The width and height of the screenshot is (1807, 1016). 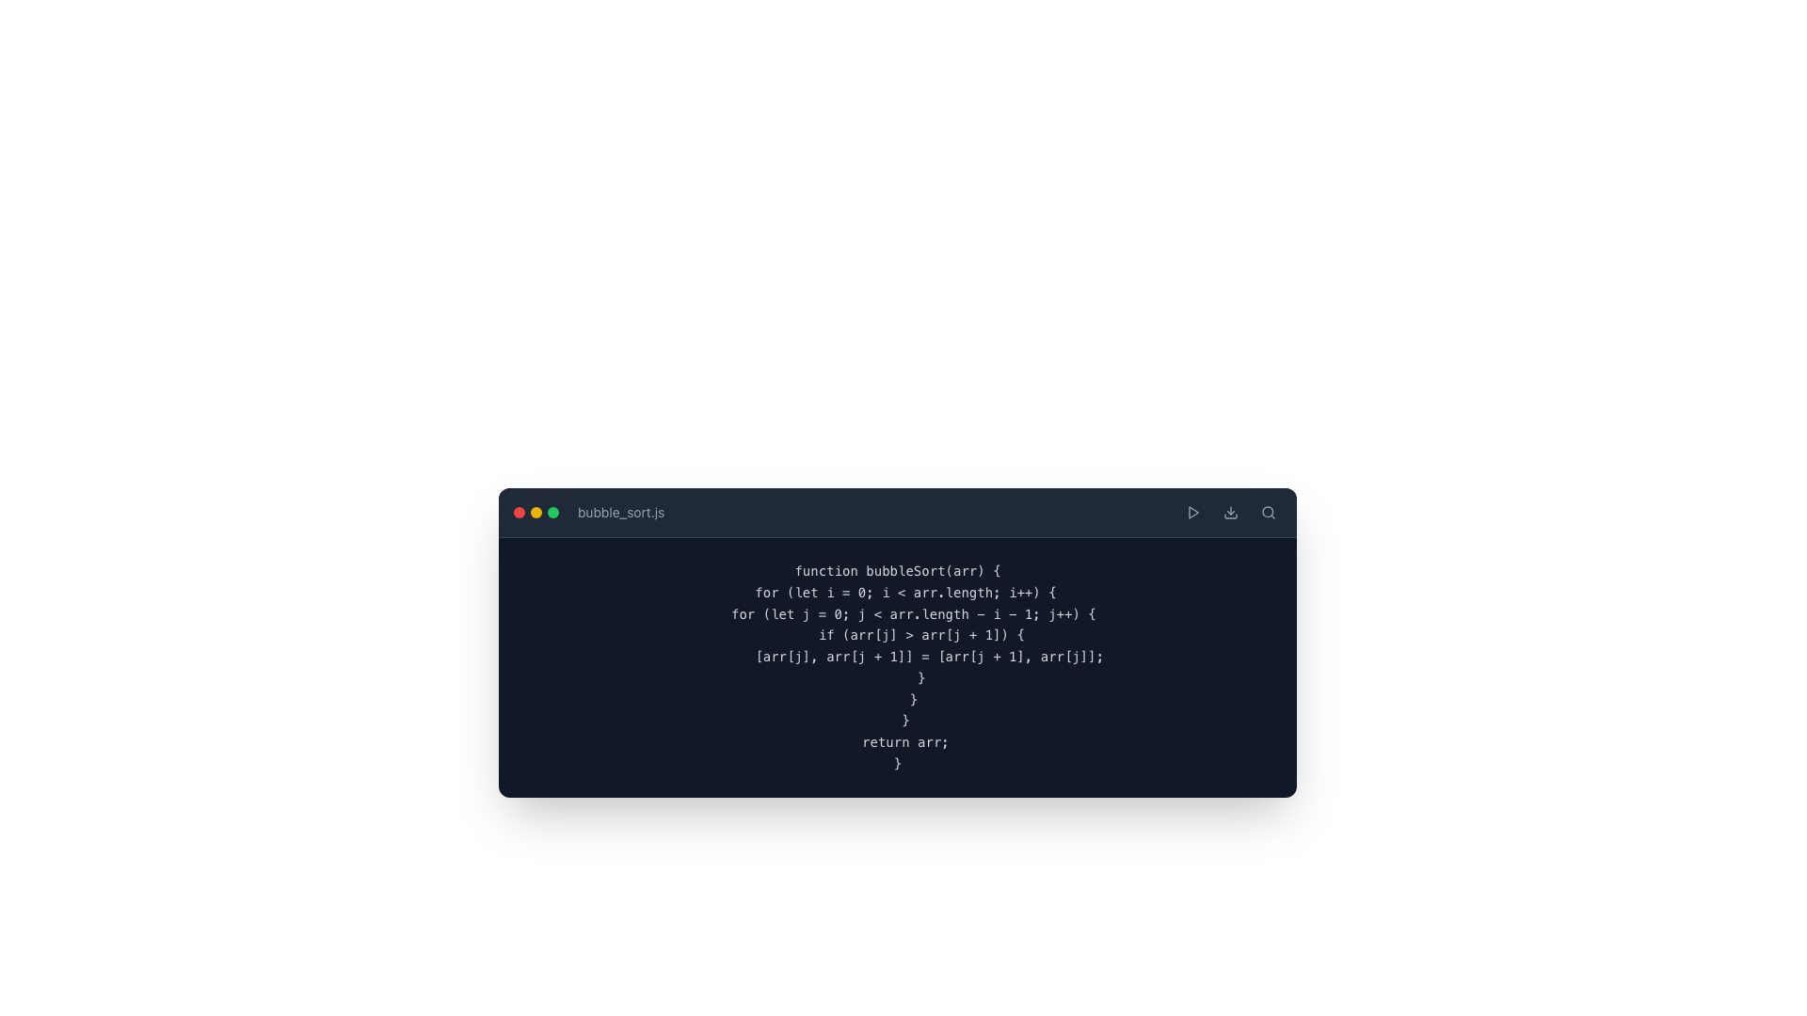 I want to click on the download button located in the top-right corner toolbar of the modal, which is the second button from the left in a cluster of three icons, to initiate a download, so click(x=1231, y=512).